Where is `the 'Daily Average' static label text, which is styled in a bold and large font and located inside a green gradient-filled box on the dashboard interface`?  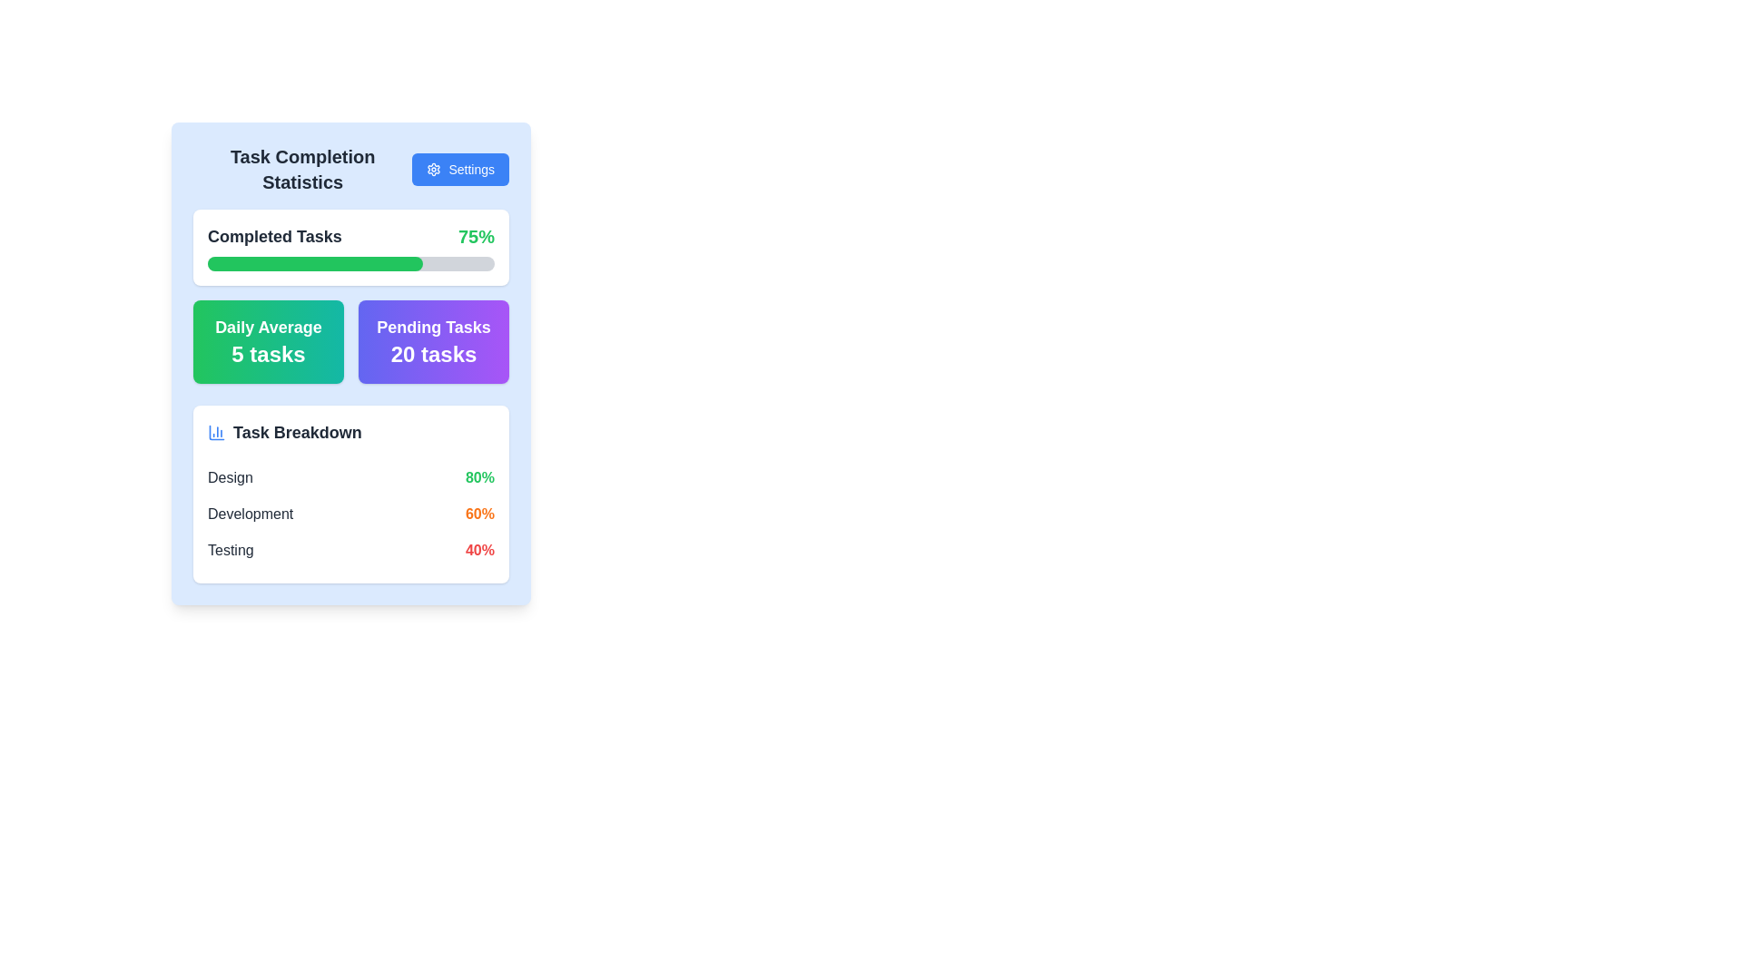
the 'Daily Average' static label text, which is styled in a bold and large font and located inside a green gradient-filled box on the dashboard interface is located at coordinates (268, 328).